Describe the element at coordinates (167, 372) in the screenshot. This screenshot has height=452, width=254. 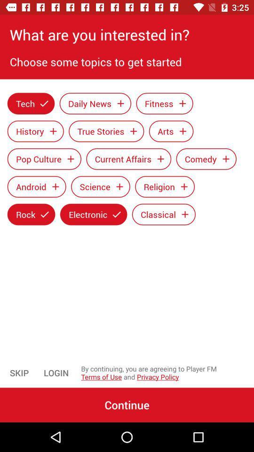
I see `the item to the right of the login icon` at that location.